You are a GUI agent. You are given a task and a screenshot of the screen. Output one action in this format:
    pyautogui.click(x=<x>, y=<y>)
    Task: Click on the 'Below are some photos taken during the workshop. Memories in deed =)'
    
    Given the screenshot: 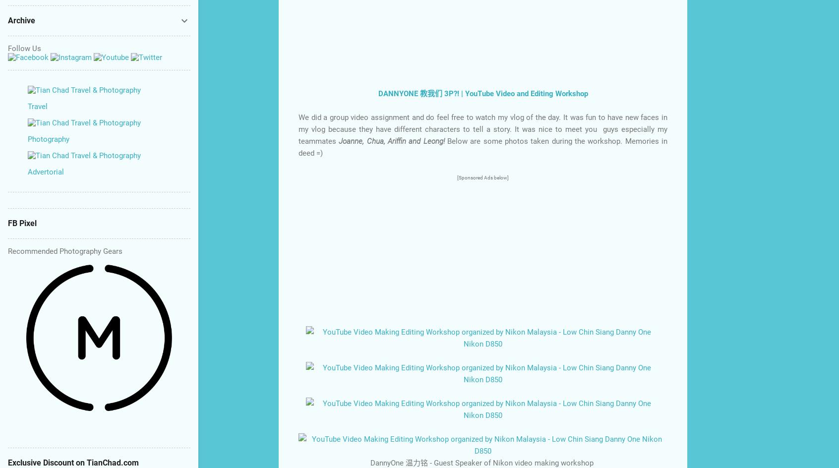 What is the action you would take?
    pyautogui.click(x=483, y=146)
    